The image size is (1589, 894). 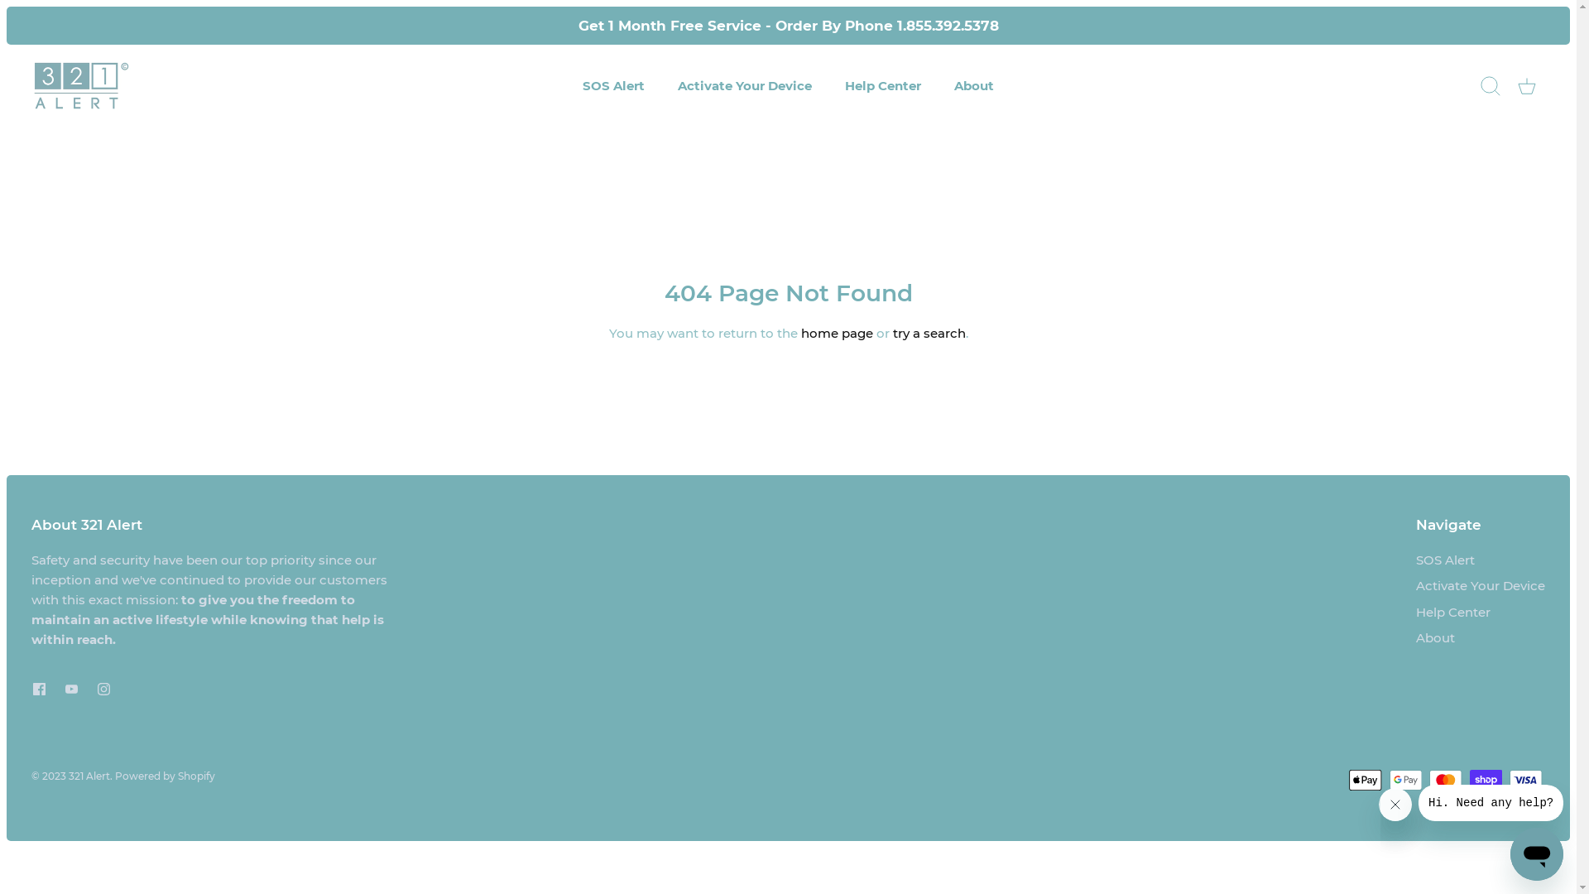 I want to click on 'Button to launch messaging window', so click(x=1536, y=854).